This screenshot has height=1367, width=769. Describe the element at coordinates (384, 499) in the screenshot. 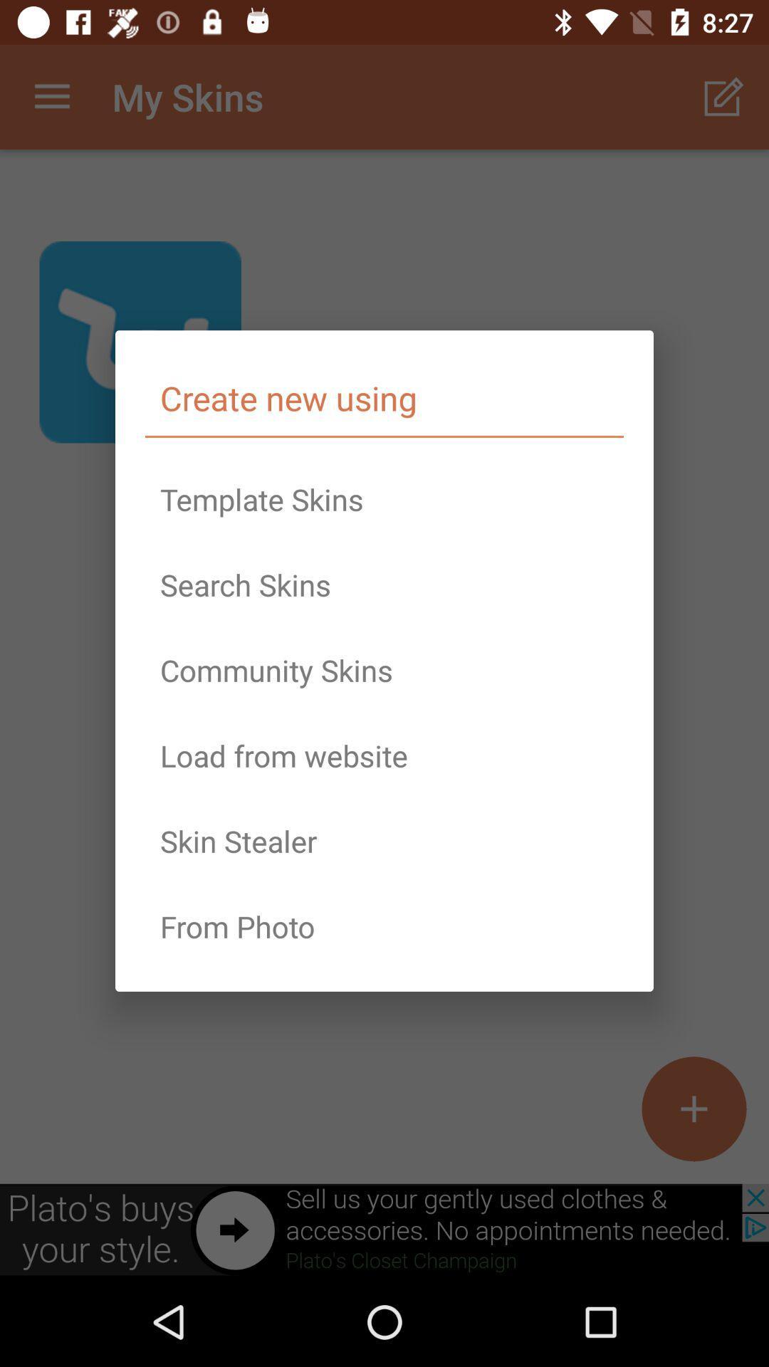

I see `the template skins` at that location.